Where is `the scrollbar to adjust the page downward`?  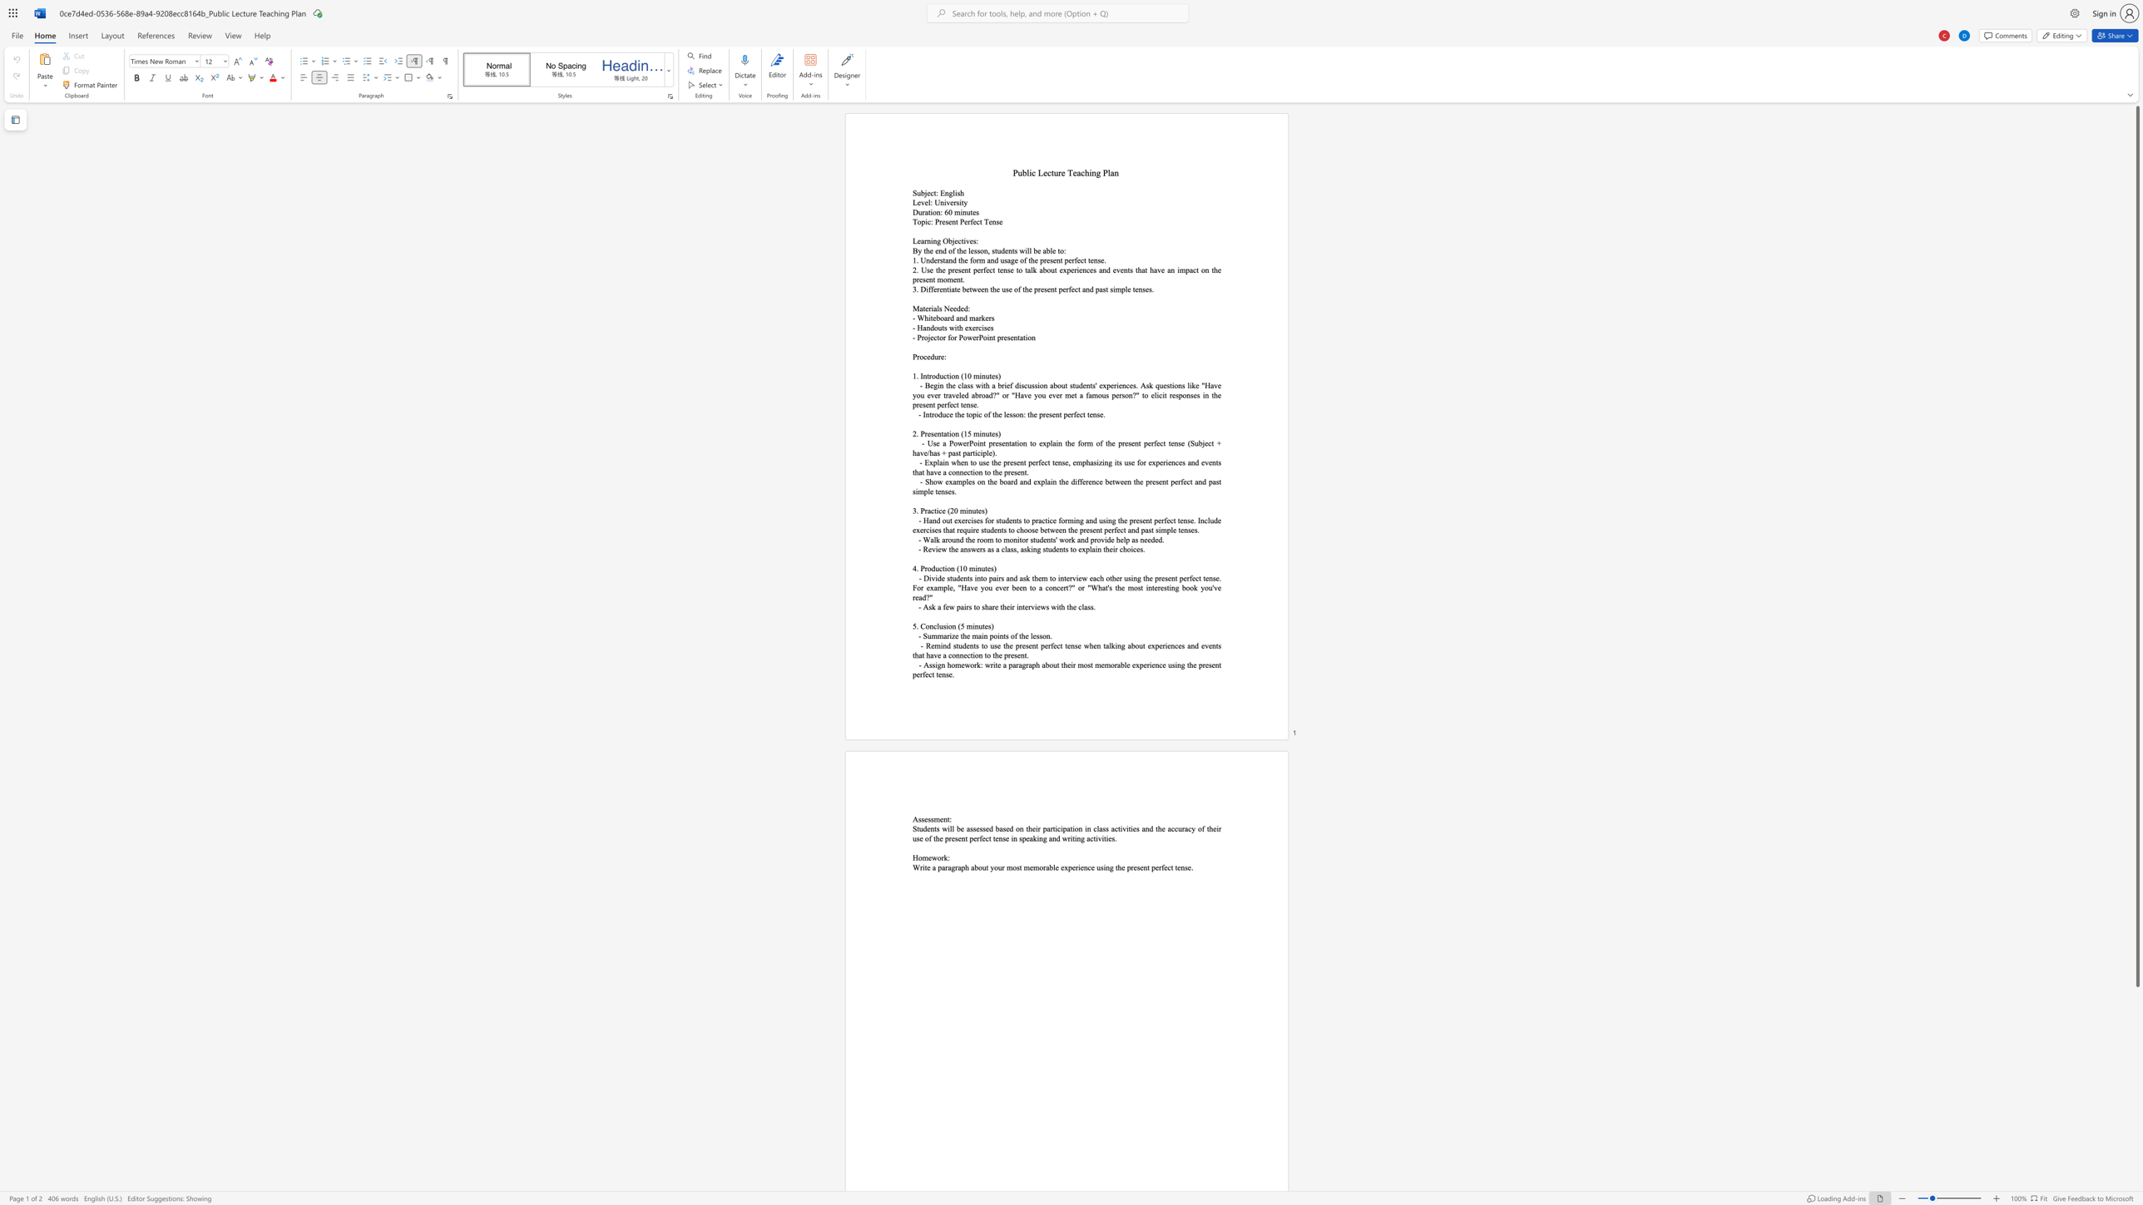
the scrollbar to adjust the page downward is located at coordinates (2136, 1104).